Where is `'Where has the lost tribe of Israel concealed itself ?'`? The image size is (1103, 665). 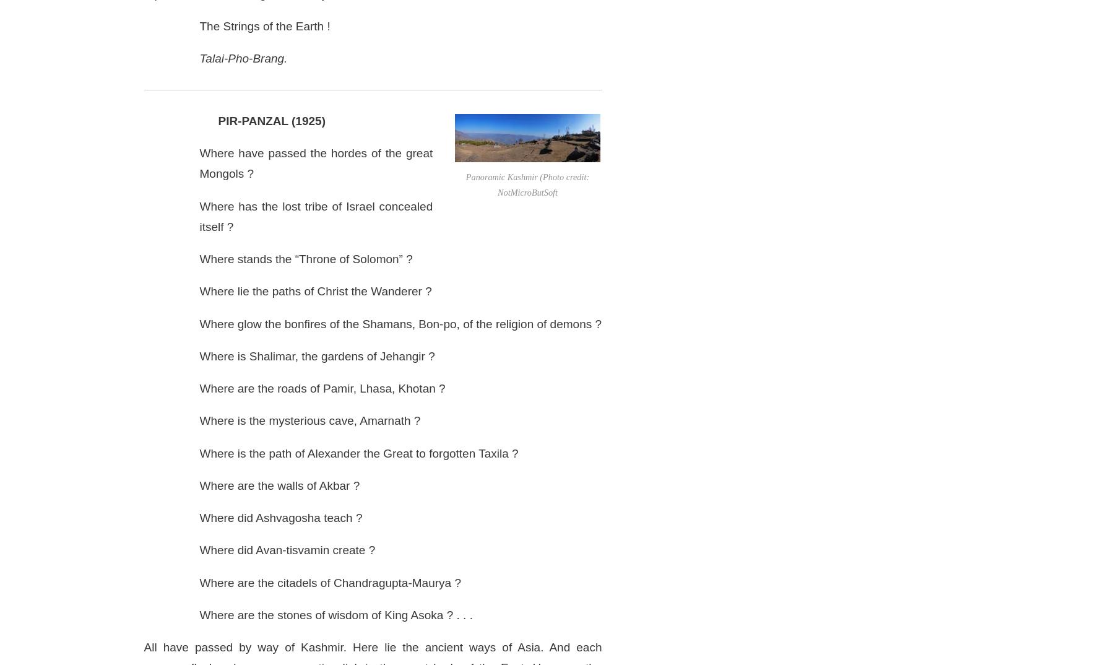 'Where has the lost tribe of Israel concealed itself ?' is located at coordinates (315, 215).